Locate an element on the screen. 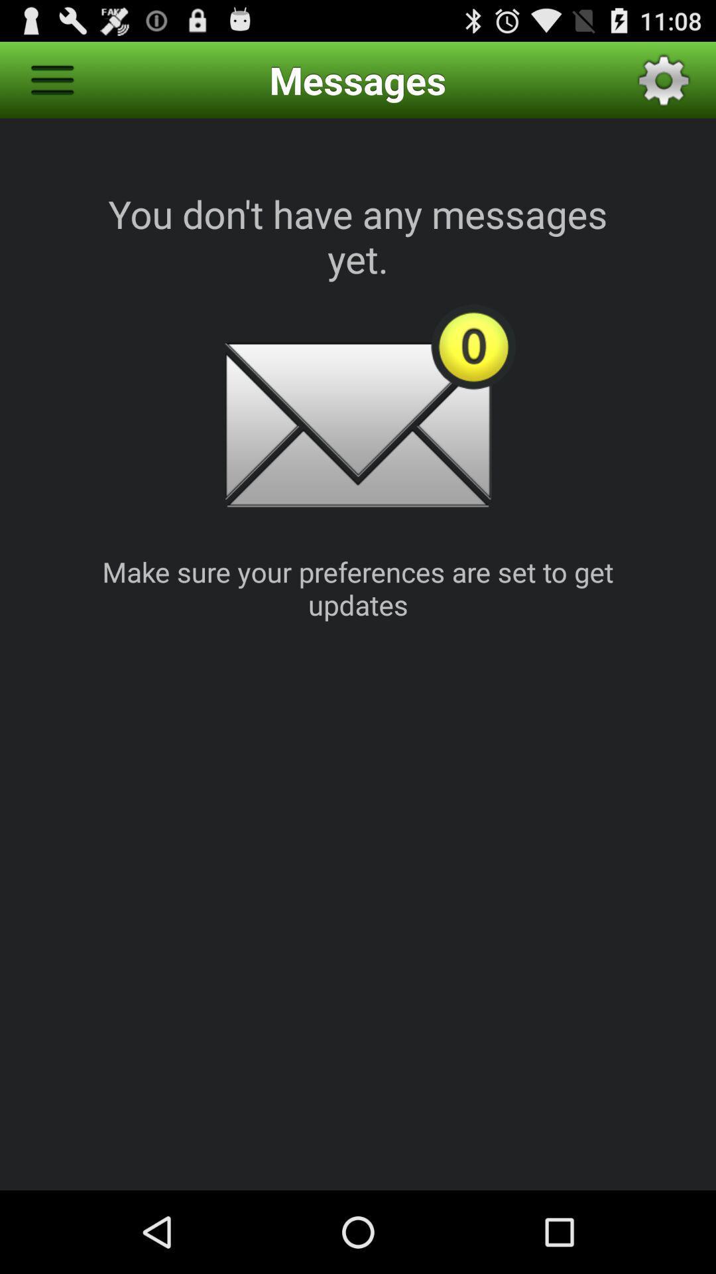 This screenshot has width=716, height=1274. the settings icon is located at coordinates (664, 85).